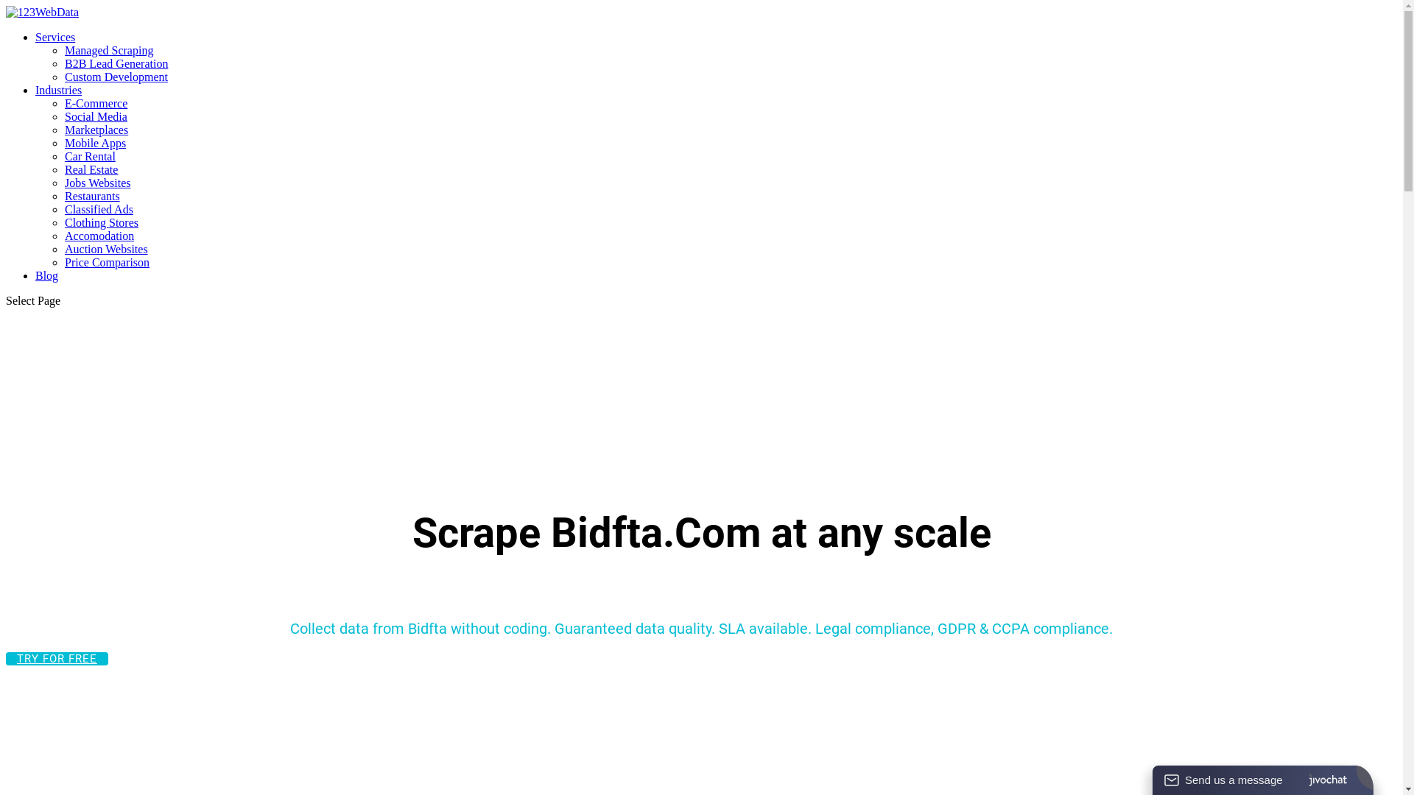 This screenshot has height=795, width=1414. I want to click on 'E-Commerce', so click(63, 102).